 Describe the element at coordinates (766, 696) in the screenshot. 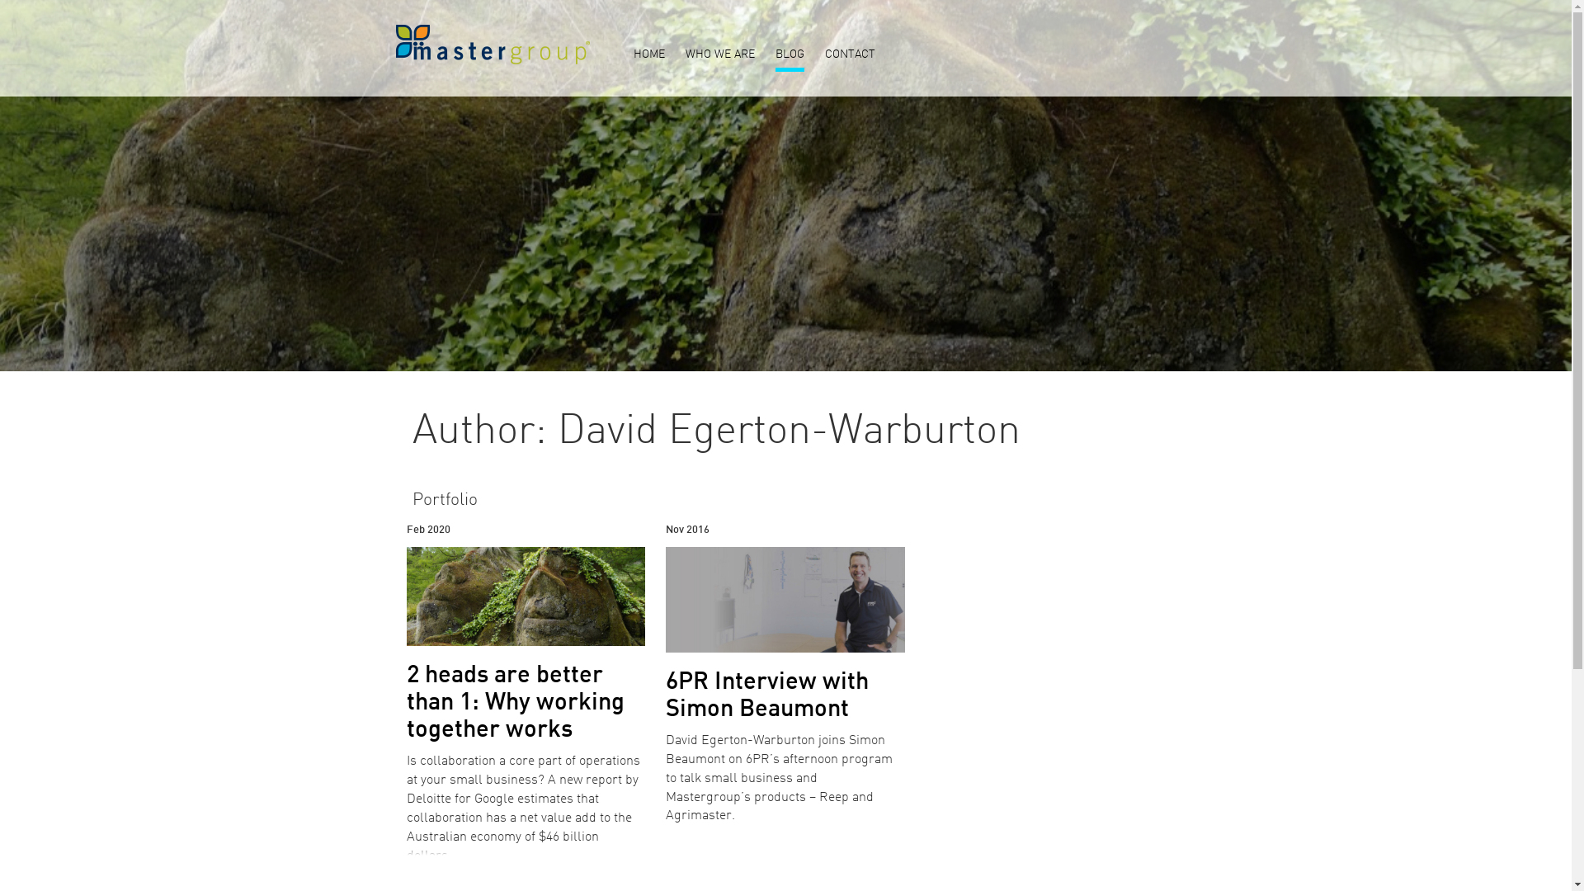

I see `'6PR Interview with Simon Beaumont'` at that location.